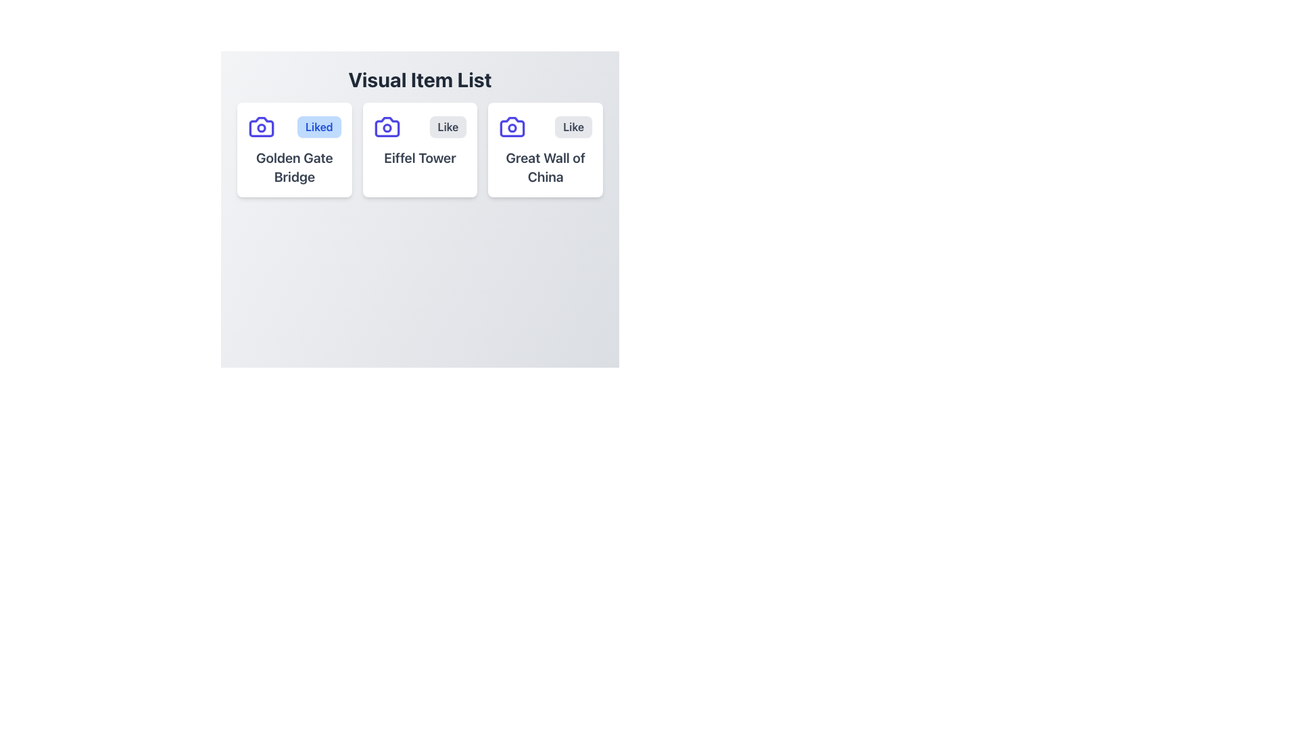 Image resolution: width=1298 pixels, height=730 pixels. What do you see at coordinates (512, 127) in the screenshot?
I see `the camera icon located in the top left section of the 'Great Wall of China' card` at bounding box center [512, 127].